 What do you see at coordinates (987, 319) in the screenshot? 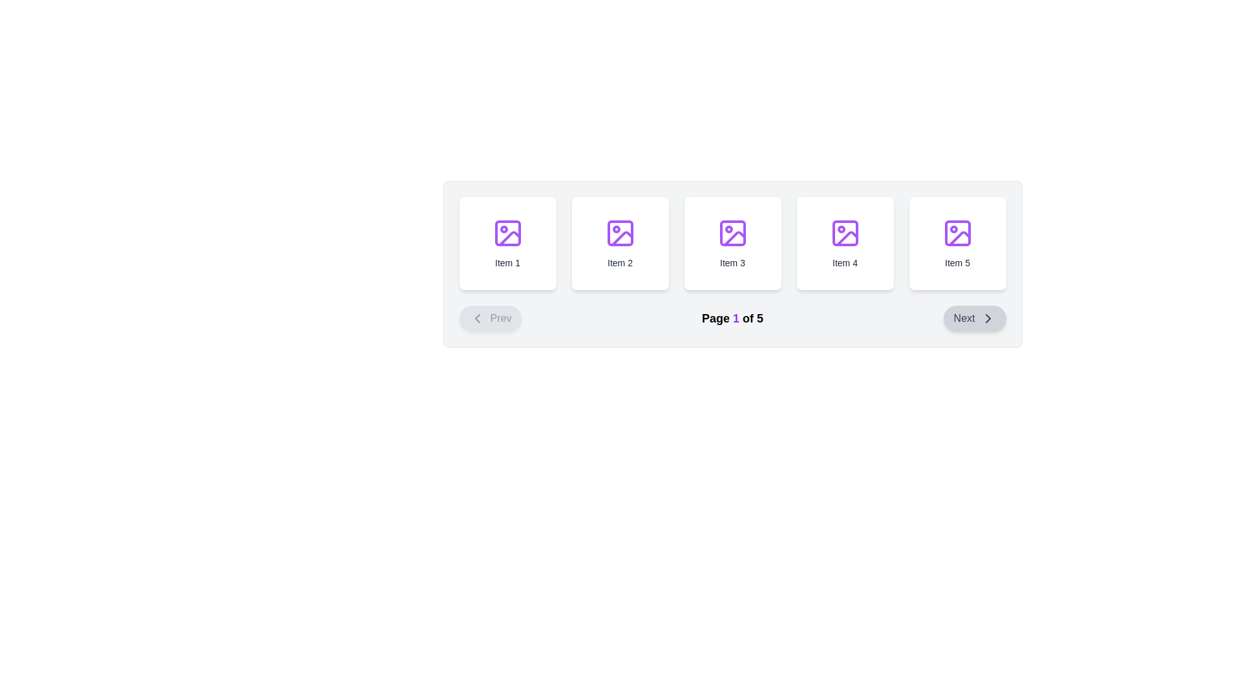
I see `the arrow symbol icon that indicates proceeding to the next page in the pagination component, located on the far-right of the pagination section next to the 'Next' button` at bounding box center [987, 319].